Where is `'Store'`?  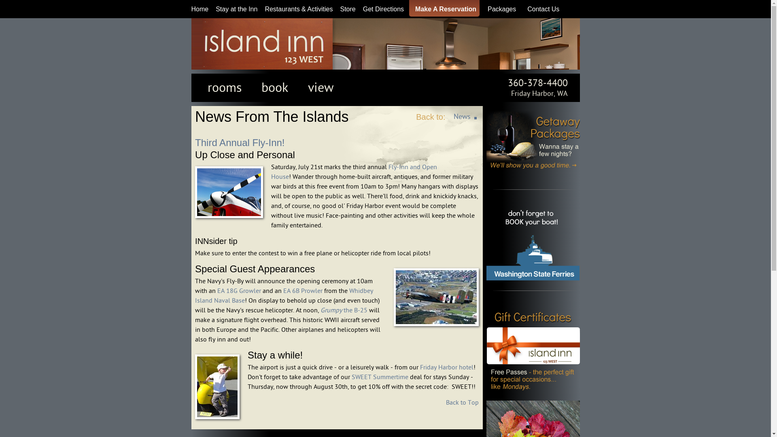 'Store' is located at coordinates (348, 9).